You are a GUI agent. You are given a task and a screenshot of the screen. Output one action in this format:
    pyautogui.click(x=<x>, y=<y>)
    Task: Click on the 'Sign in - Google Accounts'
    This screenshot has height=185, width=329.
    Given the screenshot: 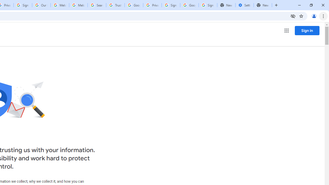 What is the action you would take?
    pyautogui.click(x=171, y=5)
    